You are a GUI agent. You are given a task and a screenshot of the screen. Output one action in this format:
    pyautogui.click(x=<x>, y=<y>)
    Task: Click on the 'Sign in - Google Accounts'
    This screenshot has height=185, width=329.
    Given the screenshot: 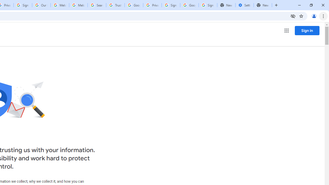 What is the action you would take?
    pyautogui.click(x=171, y=5)
    